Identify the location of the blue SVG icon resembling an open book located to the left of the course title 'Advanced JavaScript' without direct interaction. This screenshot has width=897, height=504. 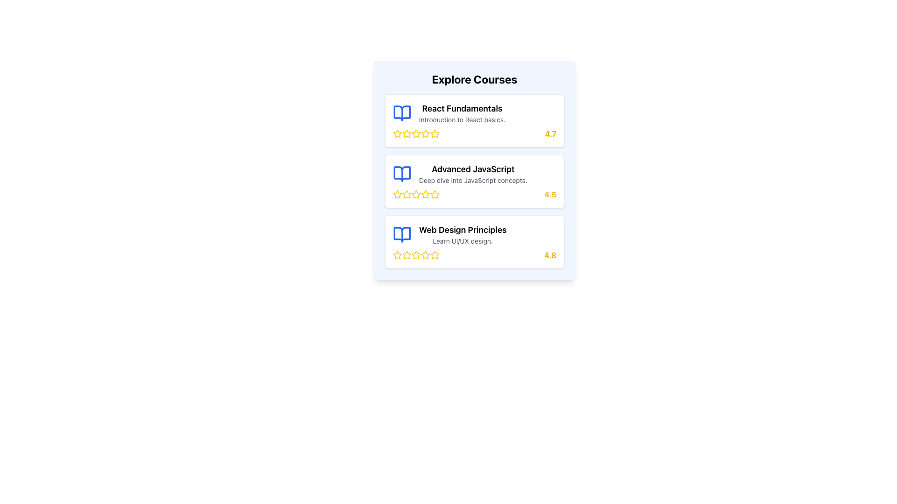
(402, 174).